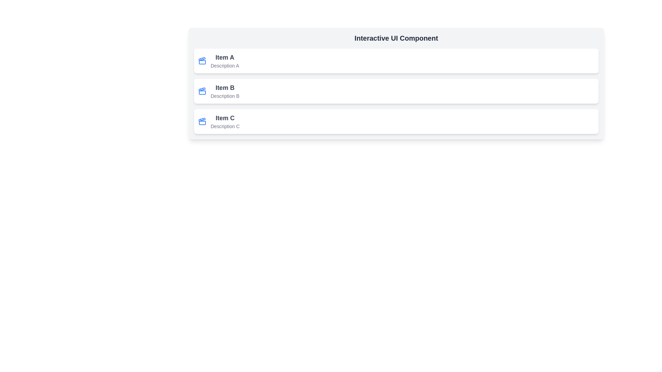 The image size is (662, 372). What do you see at coordinates (225, 57) in the screenshot?
I see `the Text label that serves as the title or main heading for the topmost card in a vertically-aligned list, positioned above the description text 'Description A'` at bounding box center [225, 57].